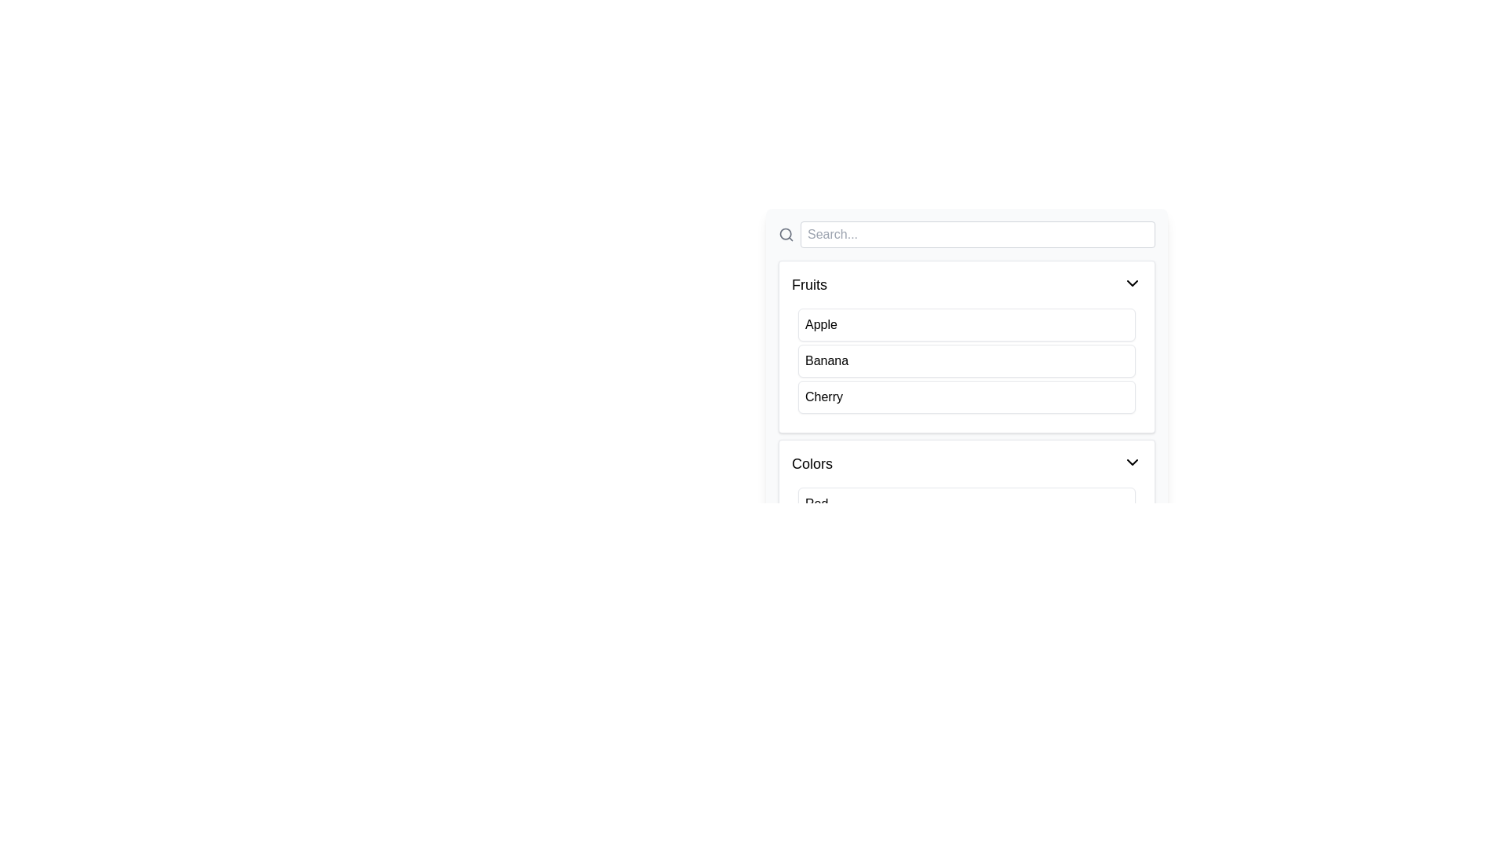 This screenshot has width=1507, height=848. I want to click on the search feature icon located to the left of the search input field, so click(786, 235).